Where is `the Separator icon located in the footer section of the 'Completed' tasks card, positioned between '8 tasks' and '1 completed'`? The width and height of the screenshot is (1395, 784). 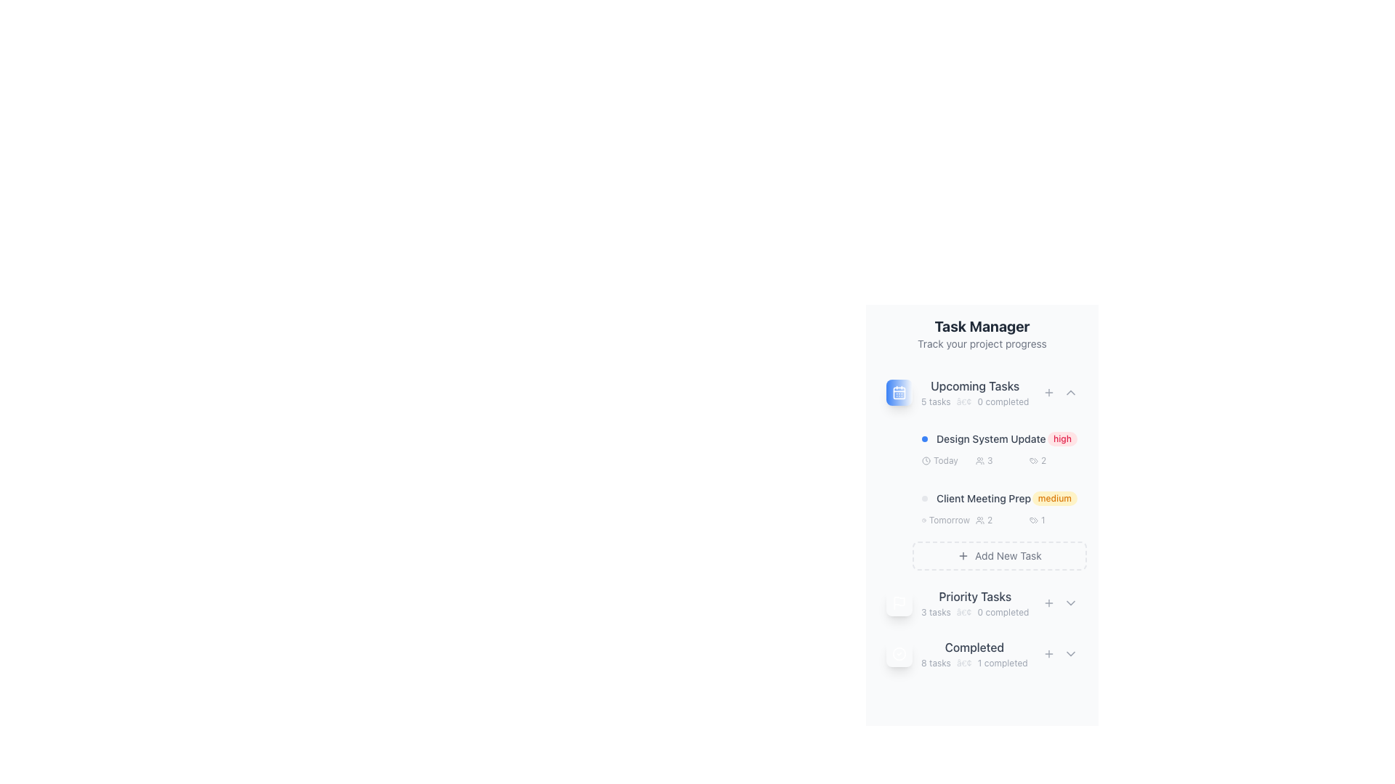
the Separator icon located in the footer section of the 'Completed' tasks card, positioned between '8 tasks' and '1 completed' is located at coordinates (964, 663).